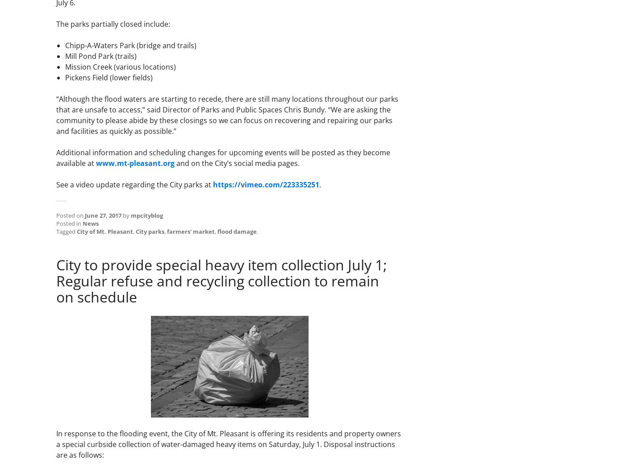 The width and height of the screenshot is (643, 472). Describe the element at coordinates (65, 66) in the screenshot. I see `'Mission Creek (various locations)'` at that location.